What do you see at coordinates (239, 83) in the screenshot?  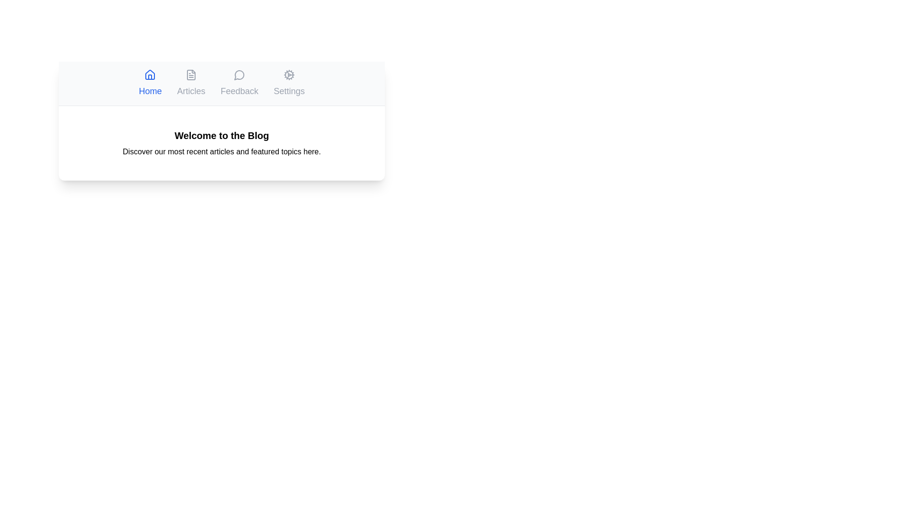 I see `the tab labeled Feedback to observe its hover effect` at bounding box center [239, 83].